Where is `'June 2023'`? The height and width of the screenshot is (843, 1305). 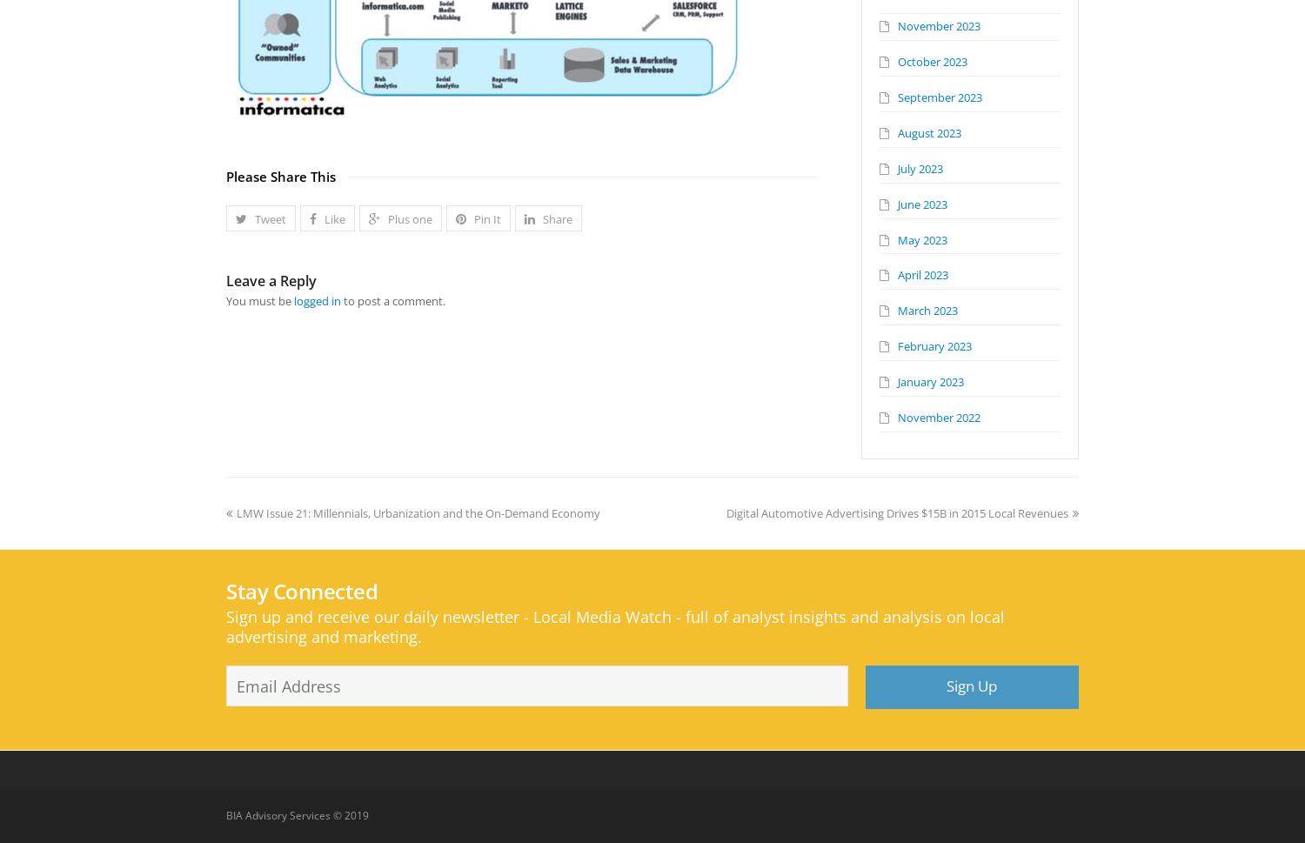 'June 2023' is located at coordinates (922, 203).